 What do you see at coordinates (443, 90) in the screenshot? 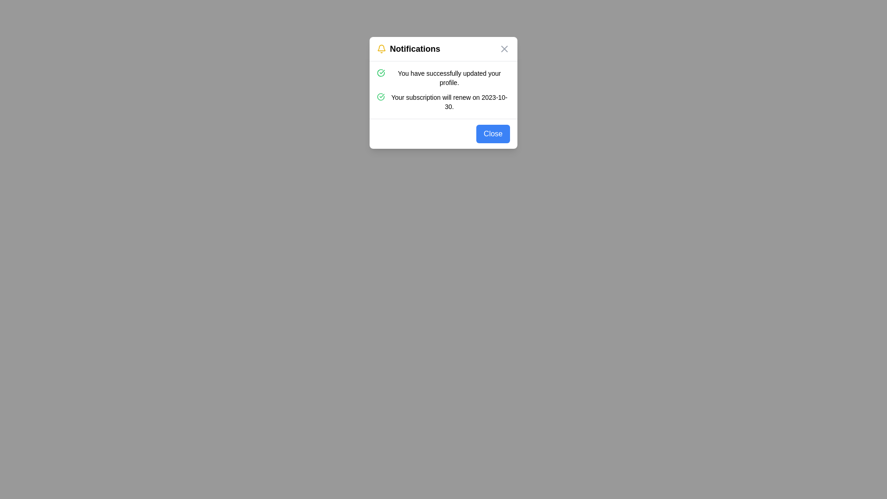
I see `text content from the notification section that displays messages about profile update and subscription renewal, located in the modal dialog below the 'Notifications' header` at bounding box center [443, 90].